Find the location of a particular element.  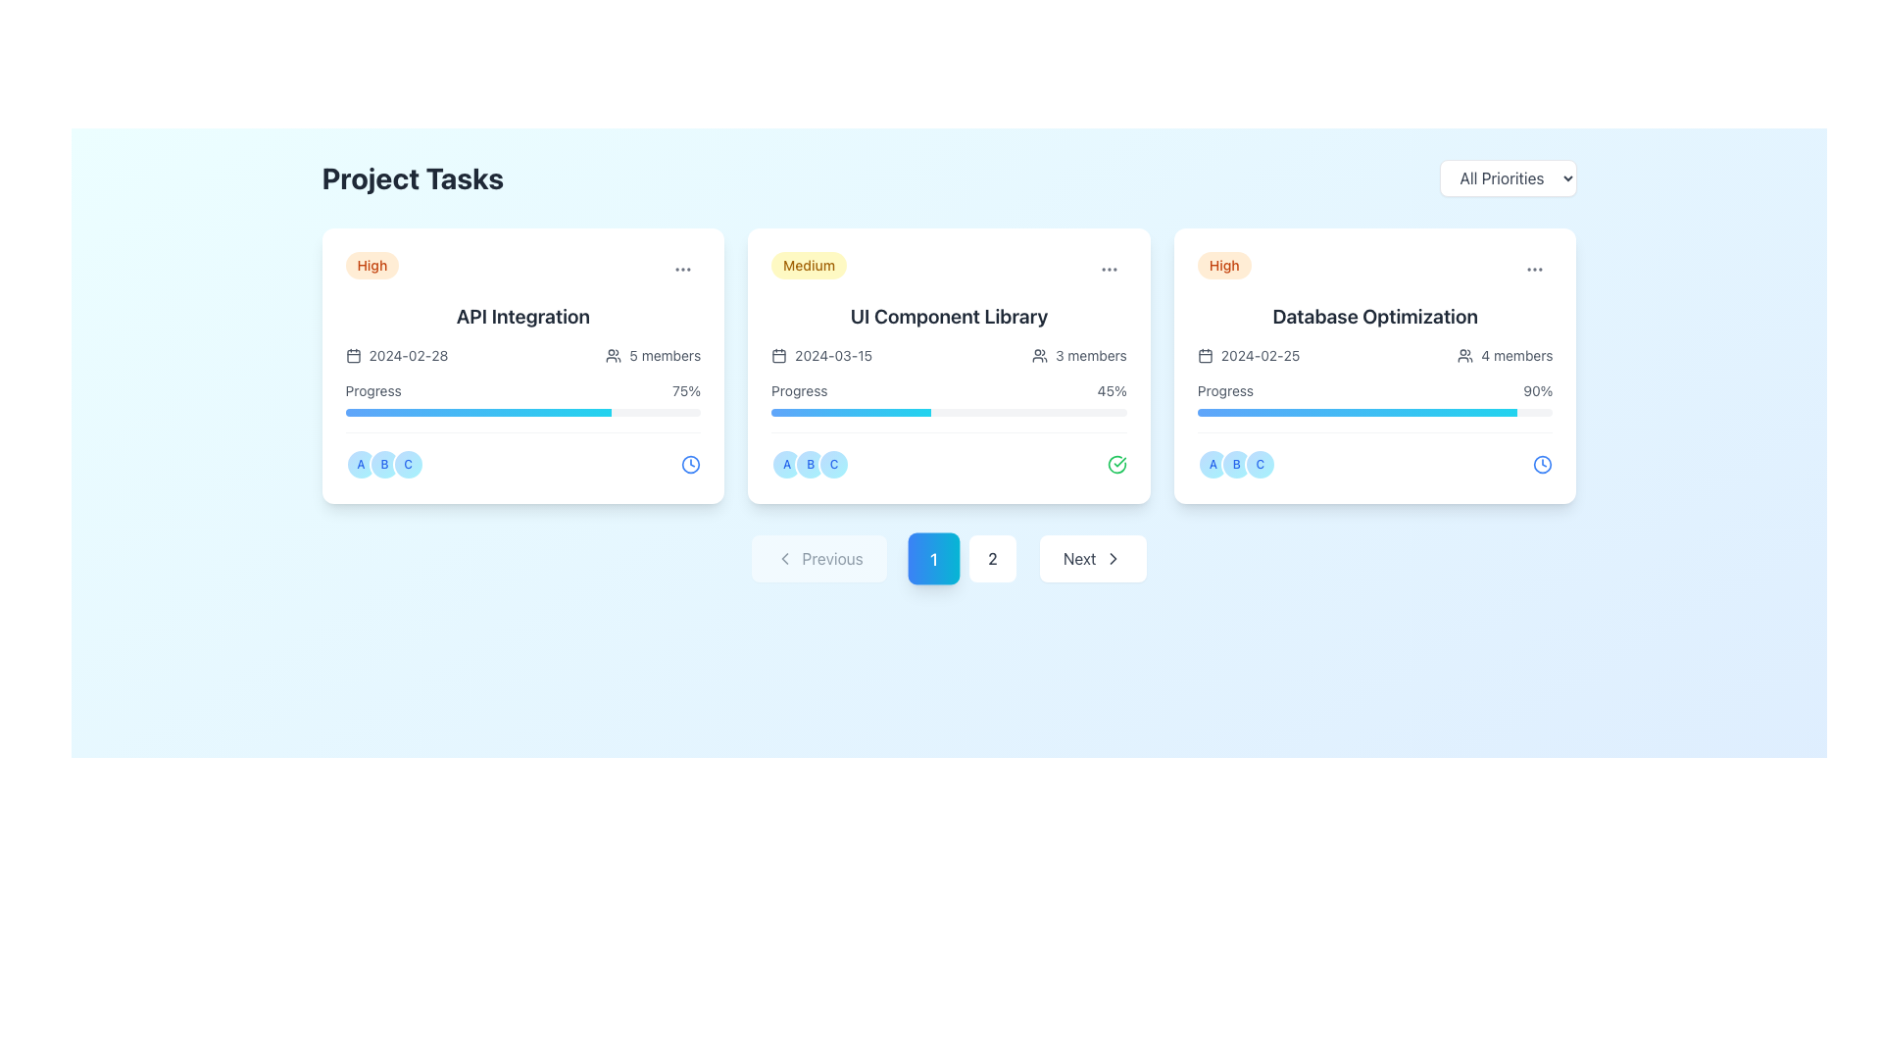

the circular icon with a gradient background and a bold blue letter 'C' centered, which is the third sibling in the group of circular icons is located at coordinates (1260, 465).